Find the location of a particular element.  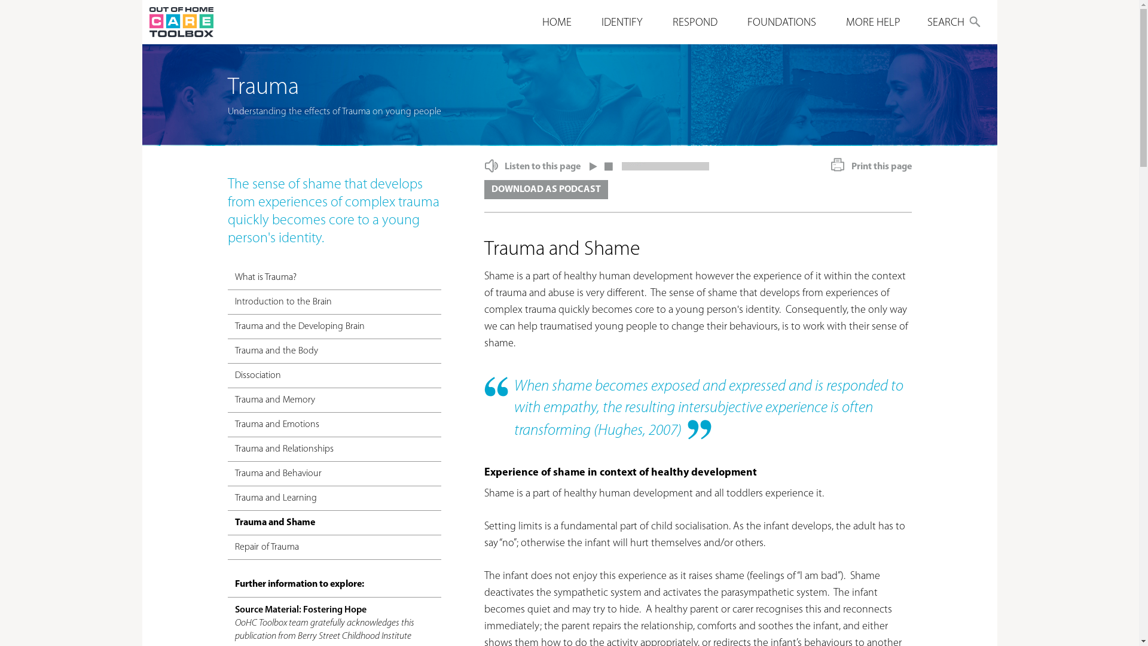

'IDENTIFY' is located at coordinates (622, 23).